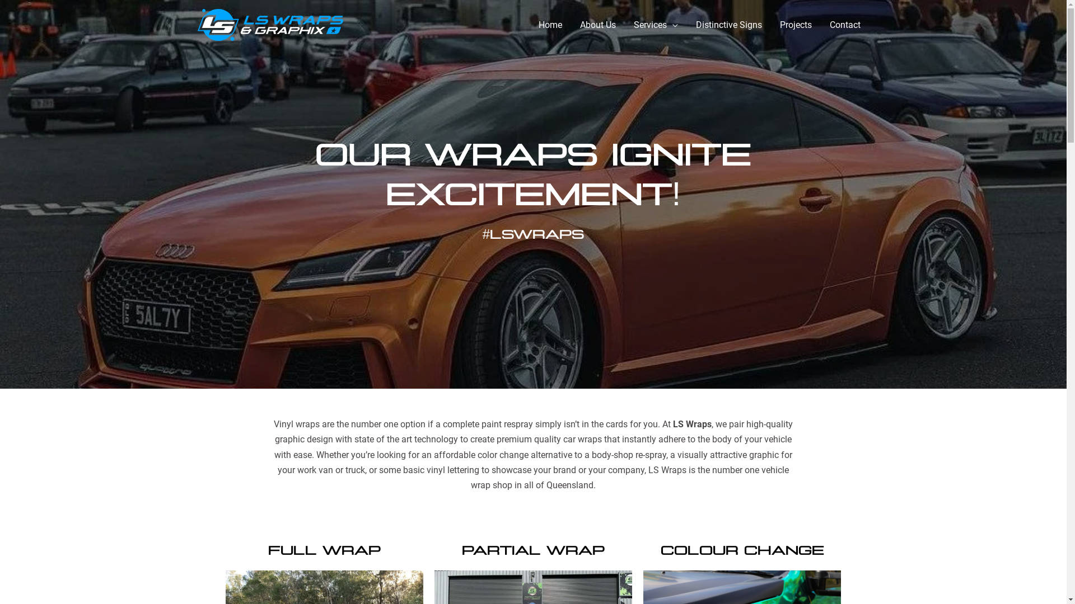 The image size is (1075, 604). I want to click on 'Services', so click(656, 25).